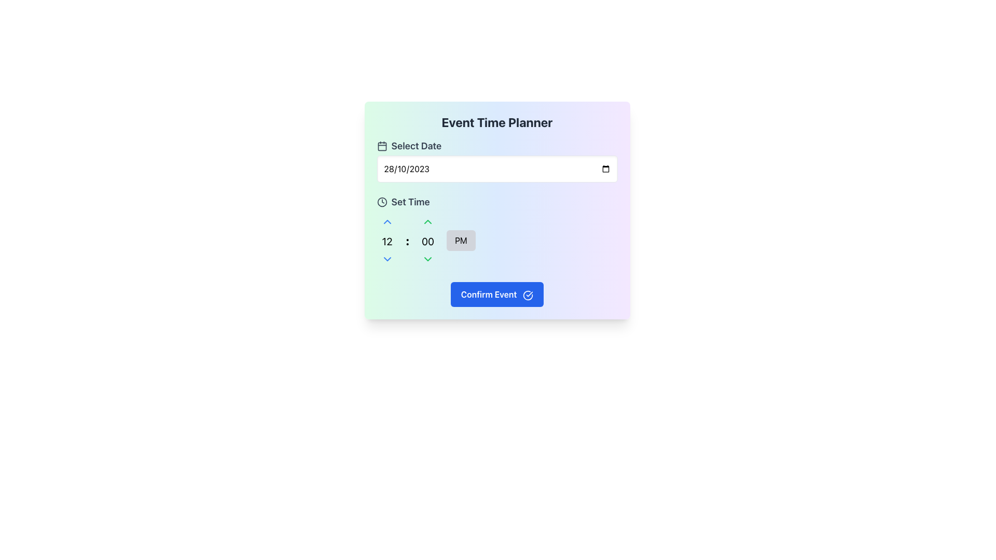 The height and width of the screenshot is (560, 996). What do you see at coordinates (428, 221) in the screenshot?
I see `the upward-pointing chevron button with a thin green stroke located in the 'Set Time' section, positioned above the '00' text` at bounding box center [428, 221].